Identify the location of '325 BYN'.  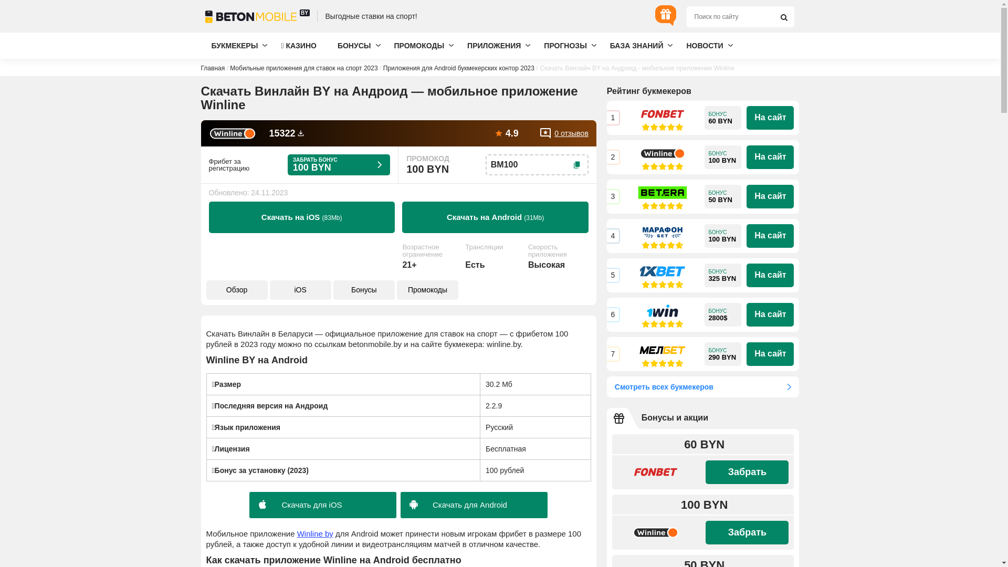
(722, 275).